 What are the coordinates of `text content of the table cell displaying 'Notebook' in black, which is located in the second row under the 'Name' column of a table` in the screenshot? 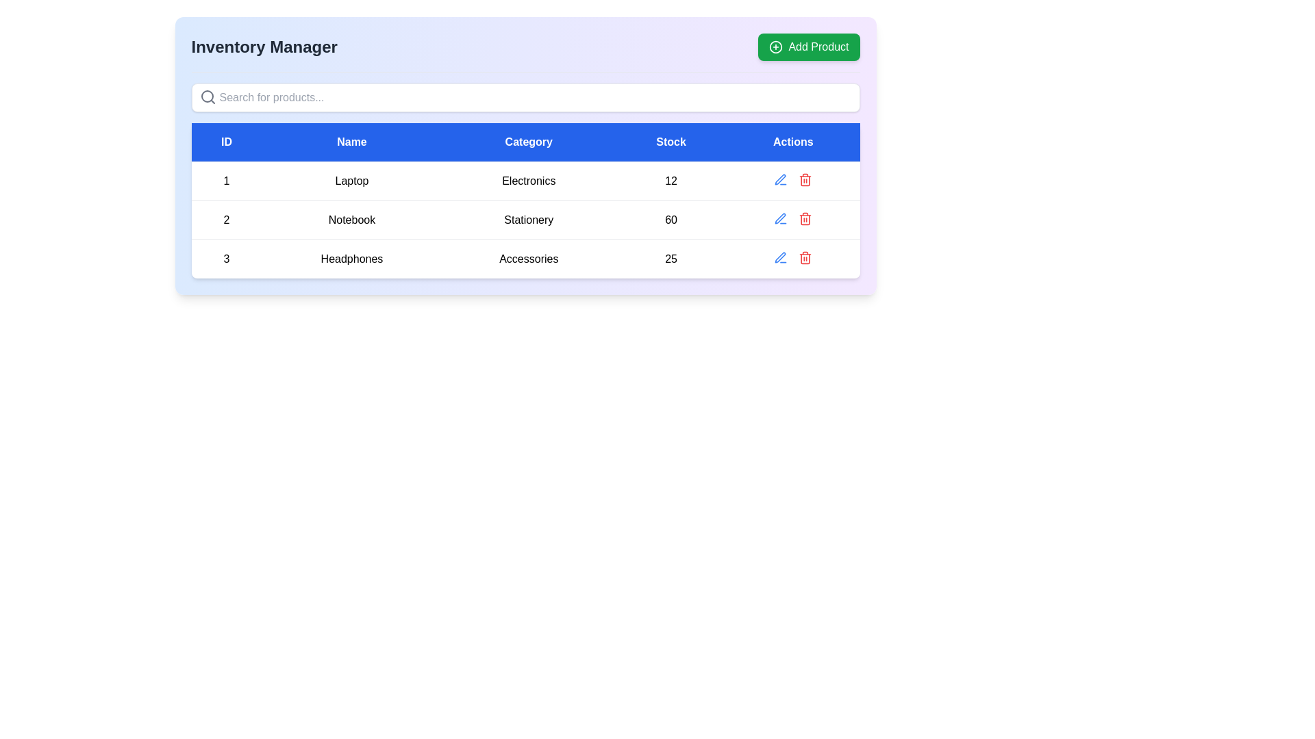 It's located at (351, 219).